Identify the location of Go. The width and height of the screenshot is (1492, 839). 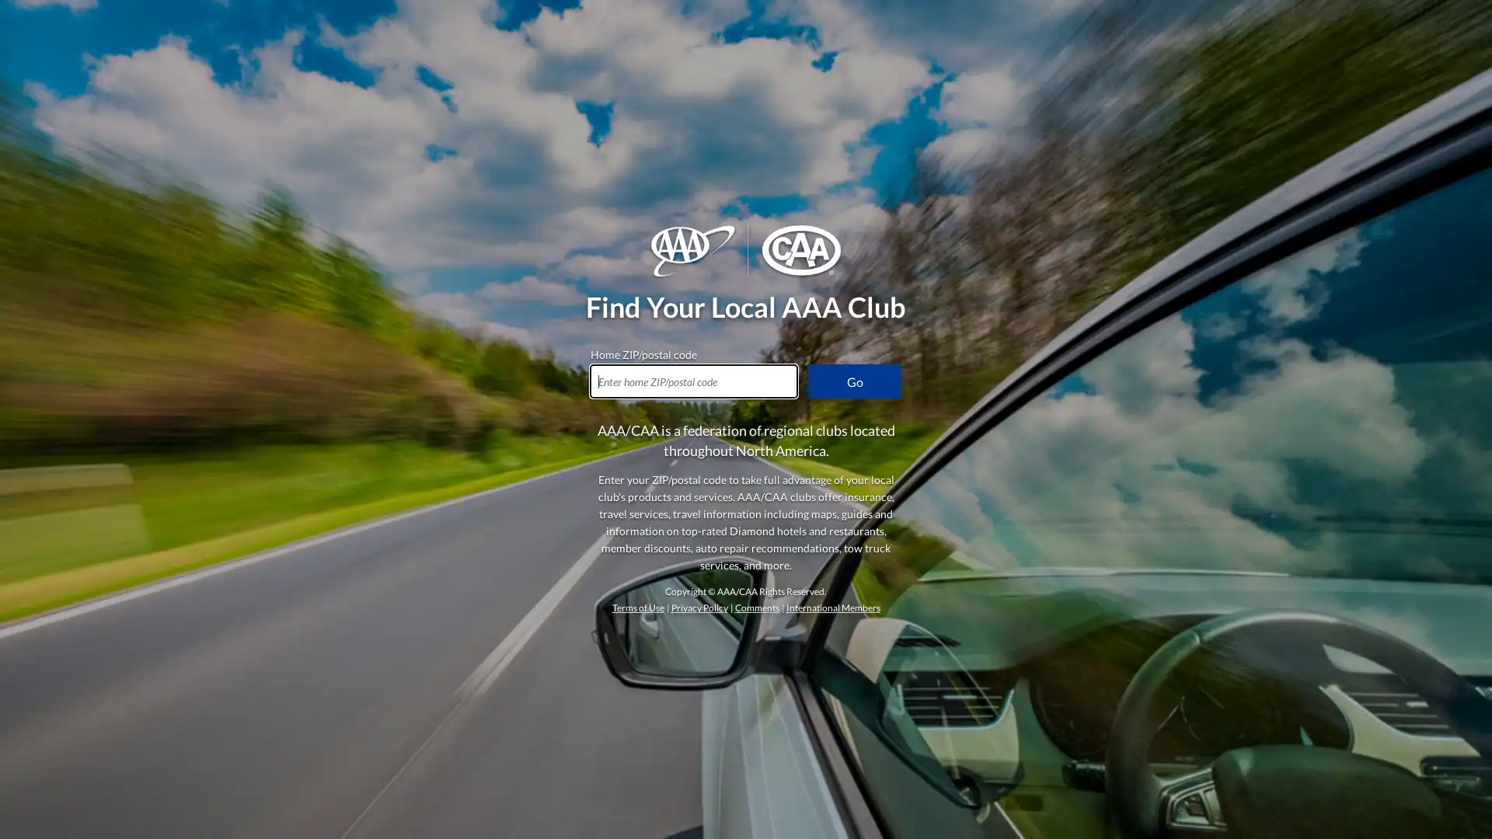
(853, 381).